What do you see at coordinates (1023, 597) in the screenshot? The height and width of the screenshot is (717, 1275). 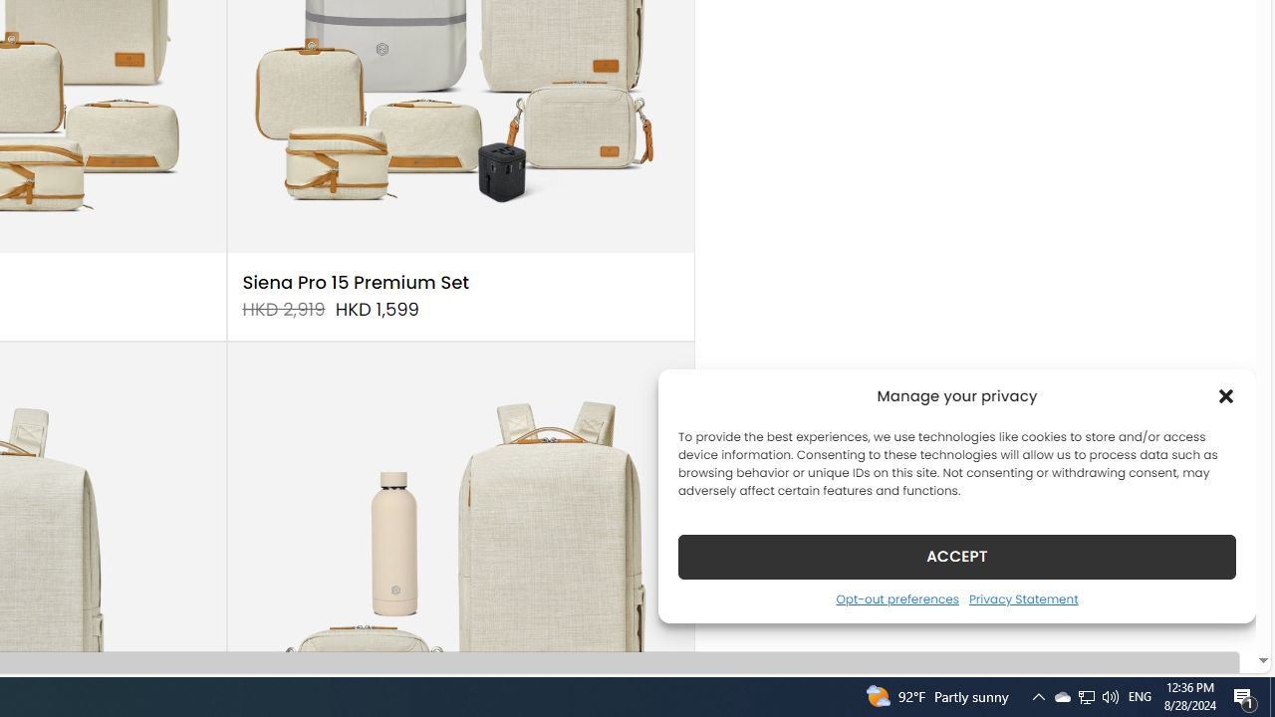 I see `'Privacy Statement'` at bounding box center [1023, 597].